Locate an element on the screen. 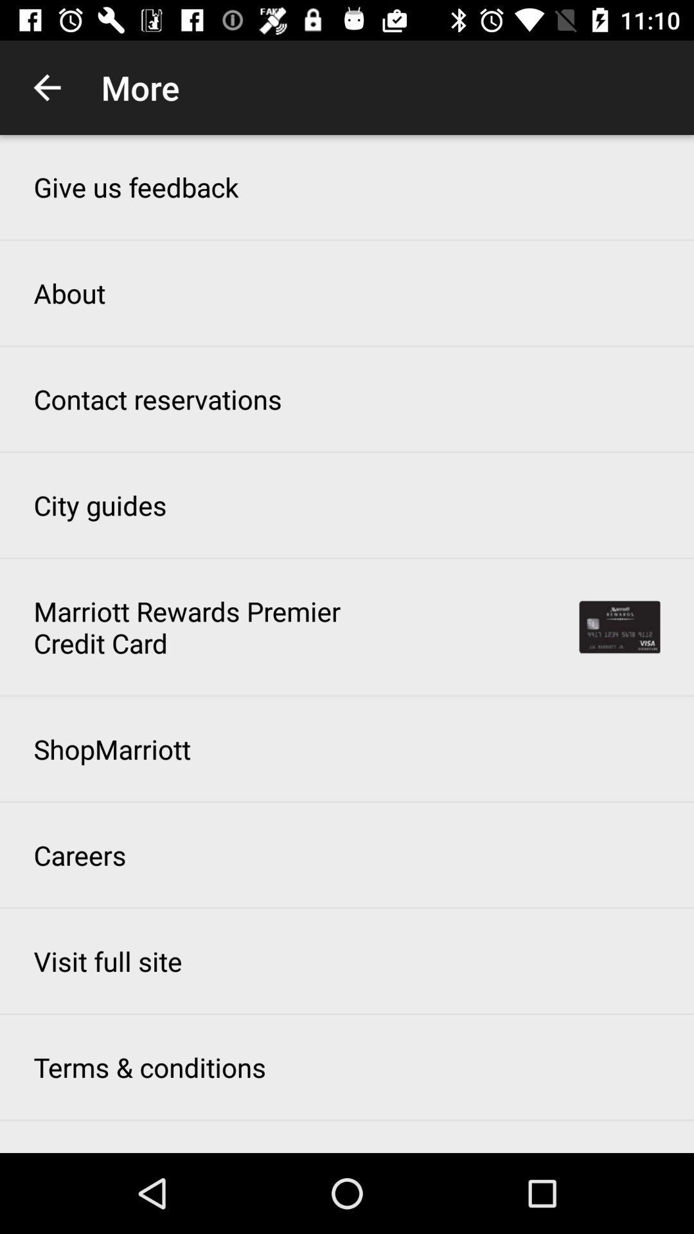 This screenshot has height=1234, width=694. the item above marriott rewards premier icon is located at coordinates (99, 505).